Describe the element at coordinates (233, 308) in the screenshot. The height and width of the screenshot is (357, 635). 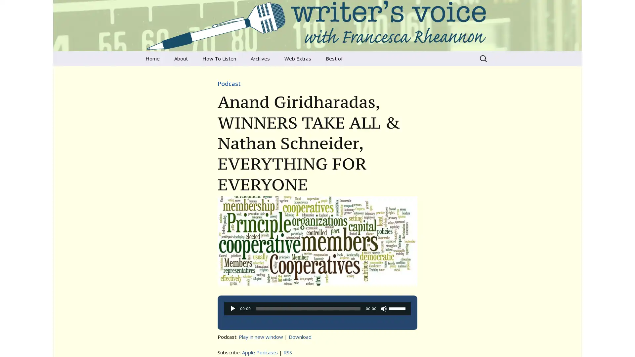
I see `Play` at that location.